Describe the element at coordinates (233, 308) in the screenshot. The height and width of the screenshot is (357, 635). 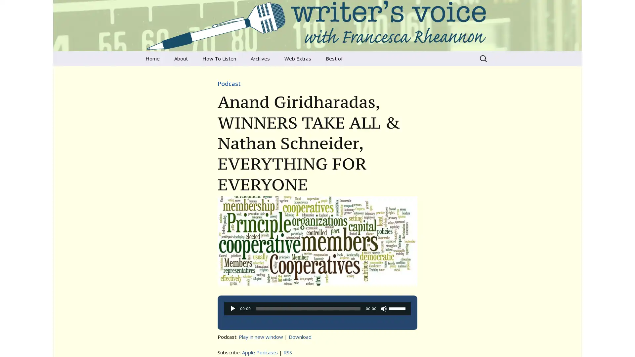
I see `Play` at that location.